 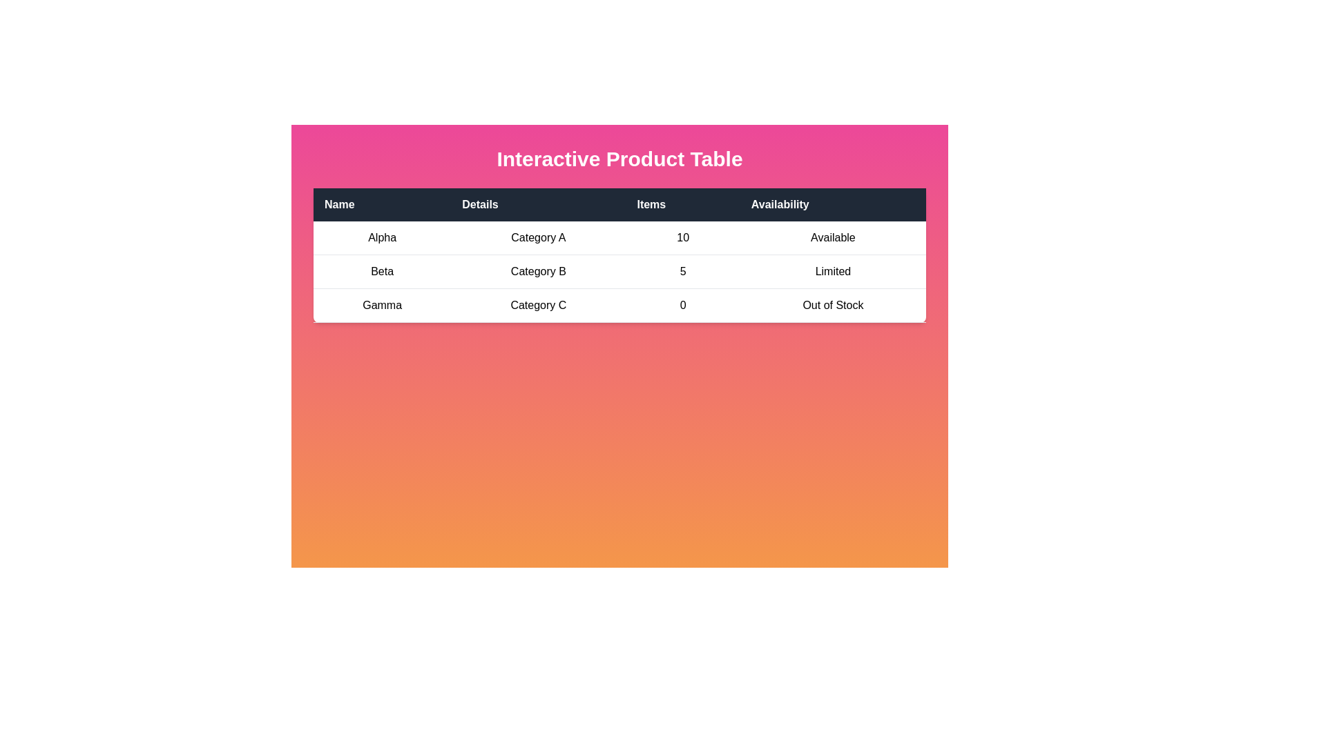 What do you see at coordinates (832, 305) in the screenshot?
I see `the status indicator text label that informs the user about the unavailability of the item 'Gamma' in 'Category C'` at bounding box center [832, 305].